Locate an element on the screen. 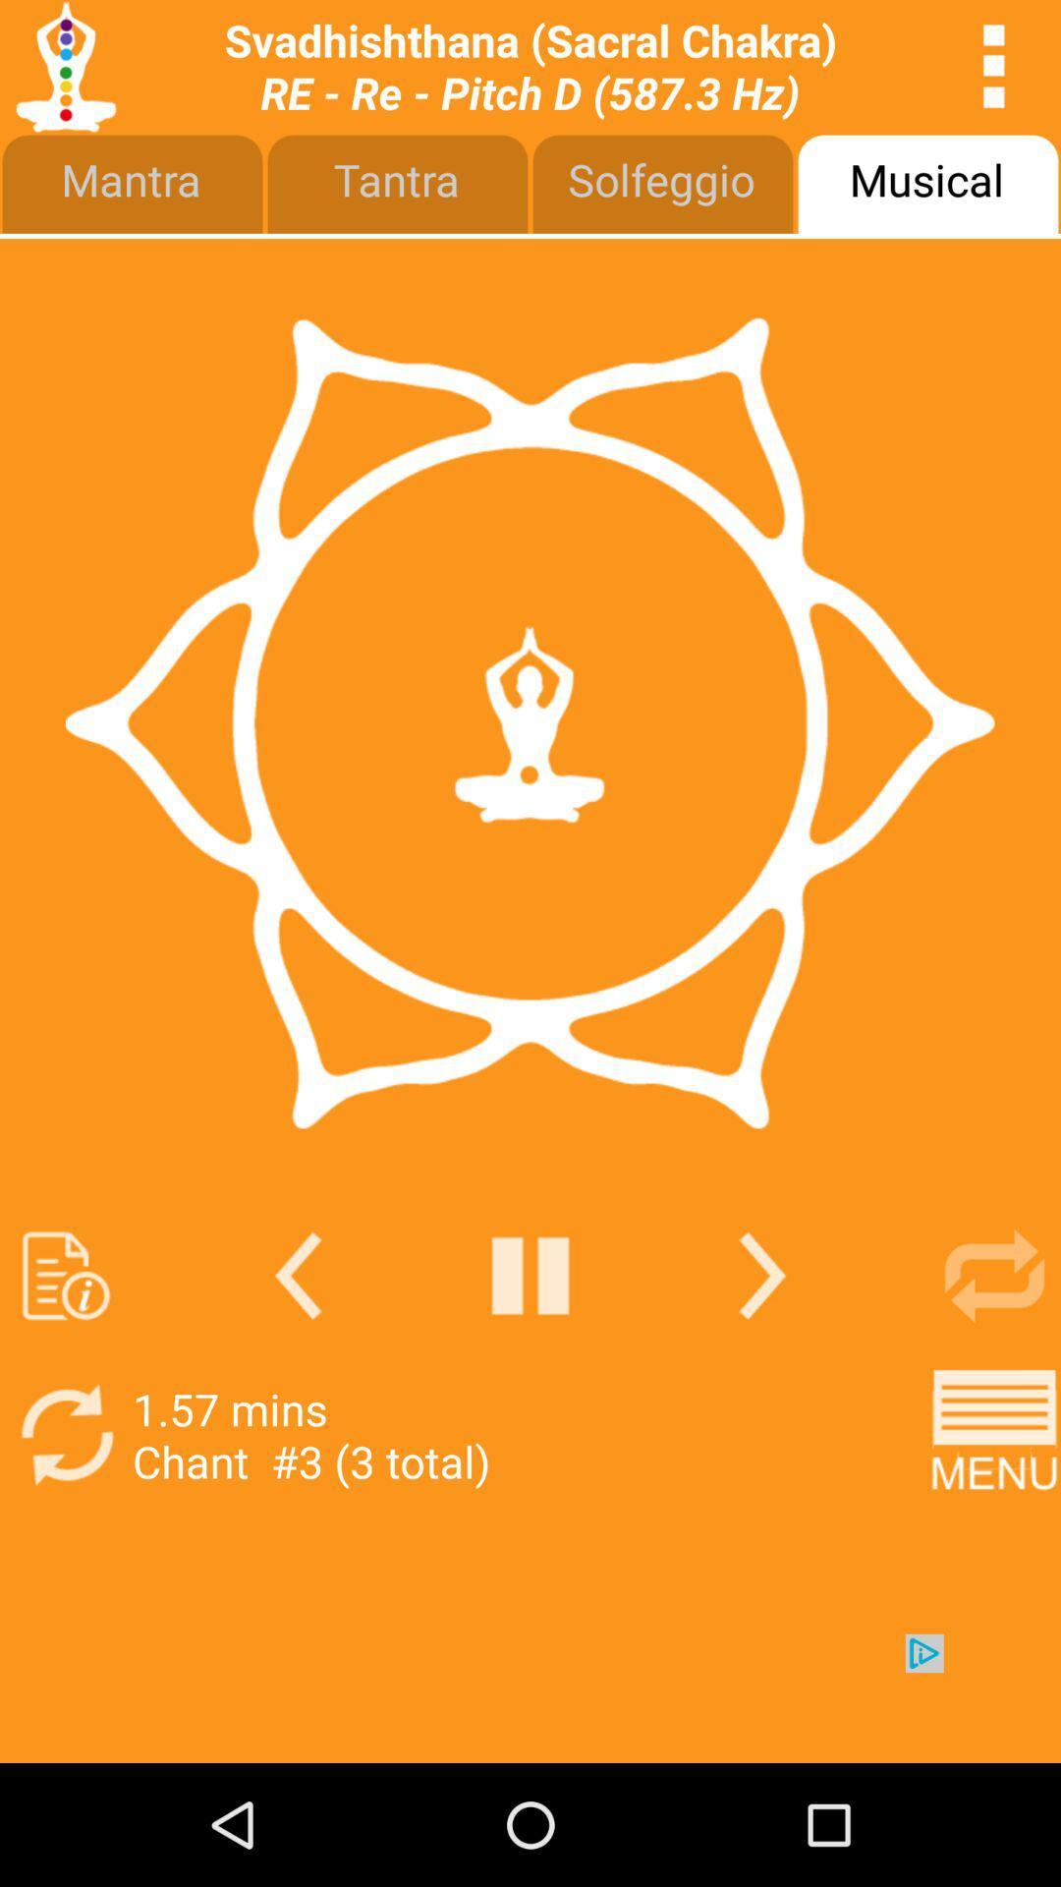  pause sound is located at coordinates (530, 1276).